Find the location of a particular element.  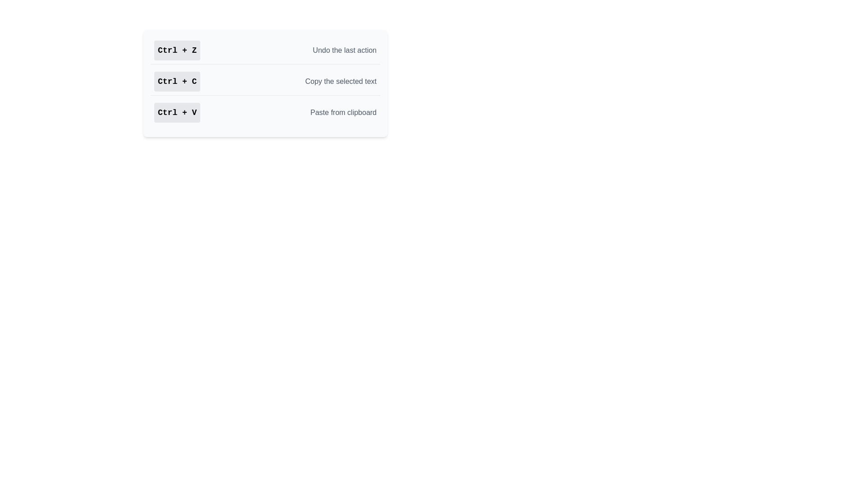

the first informational row that describes the keyboard shortcut 'Ctrl + Z' for 'Undo the last action' is located at coordinates (265, 51).